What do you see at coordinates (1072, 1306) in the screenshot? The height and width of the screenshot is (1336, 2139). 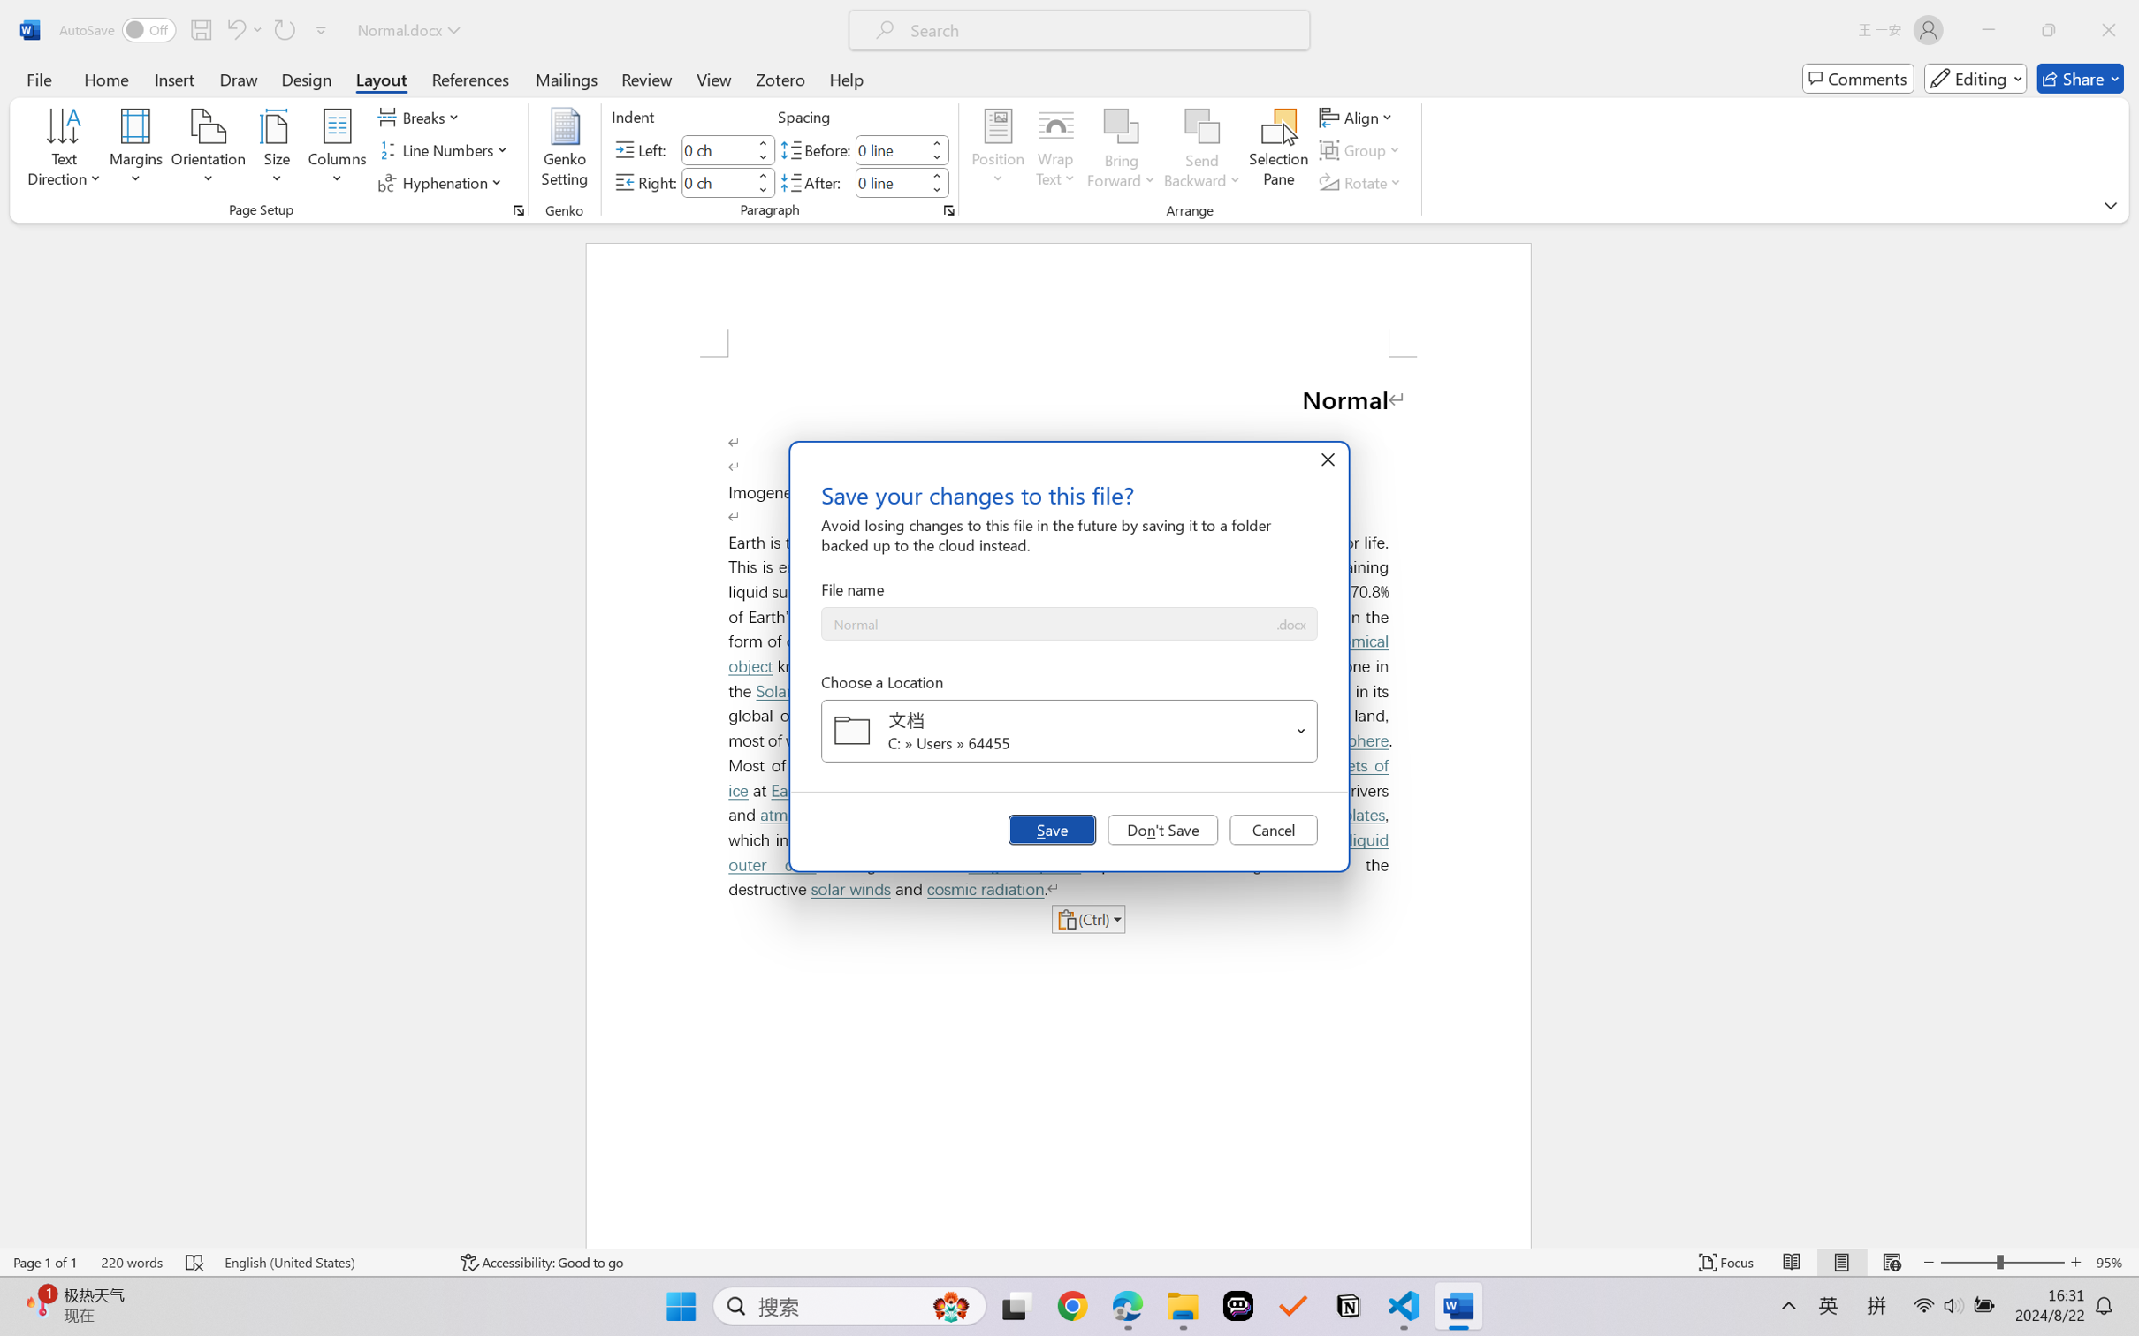 I see `'Google Chrome'` at bounding box center [1072, 1306].